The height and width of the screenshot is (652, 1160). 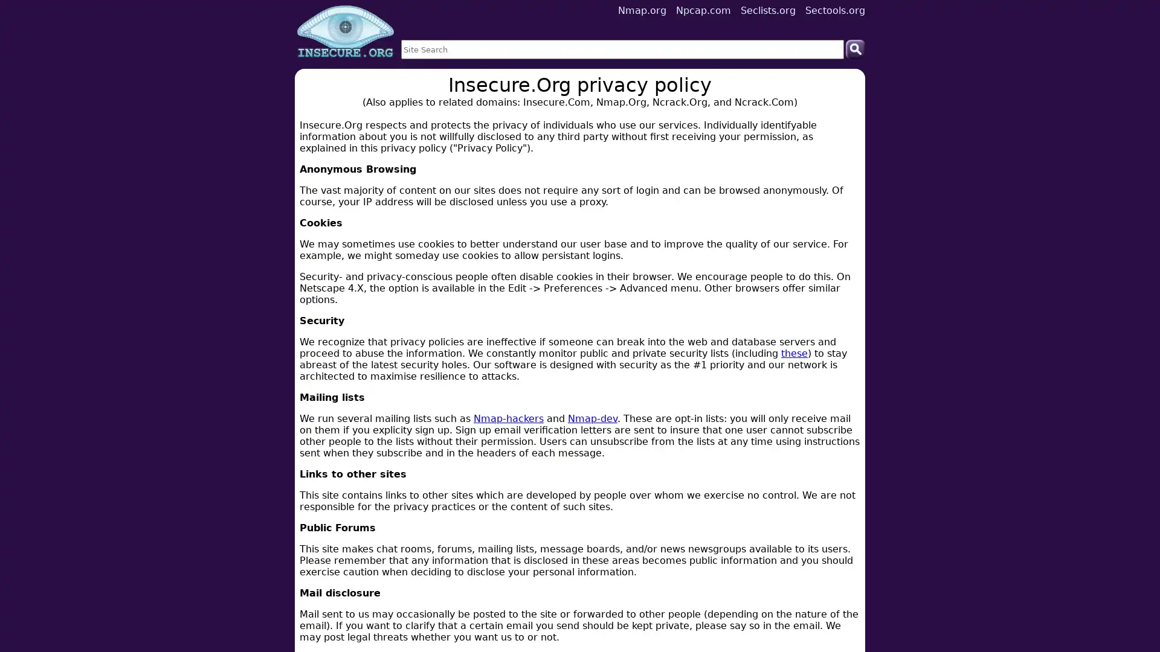 I want to click on Search, so click(x=855, y=48).